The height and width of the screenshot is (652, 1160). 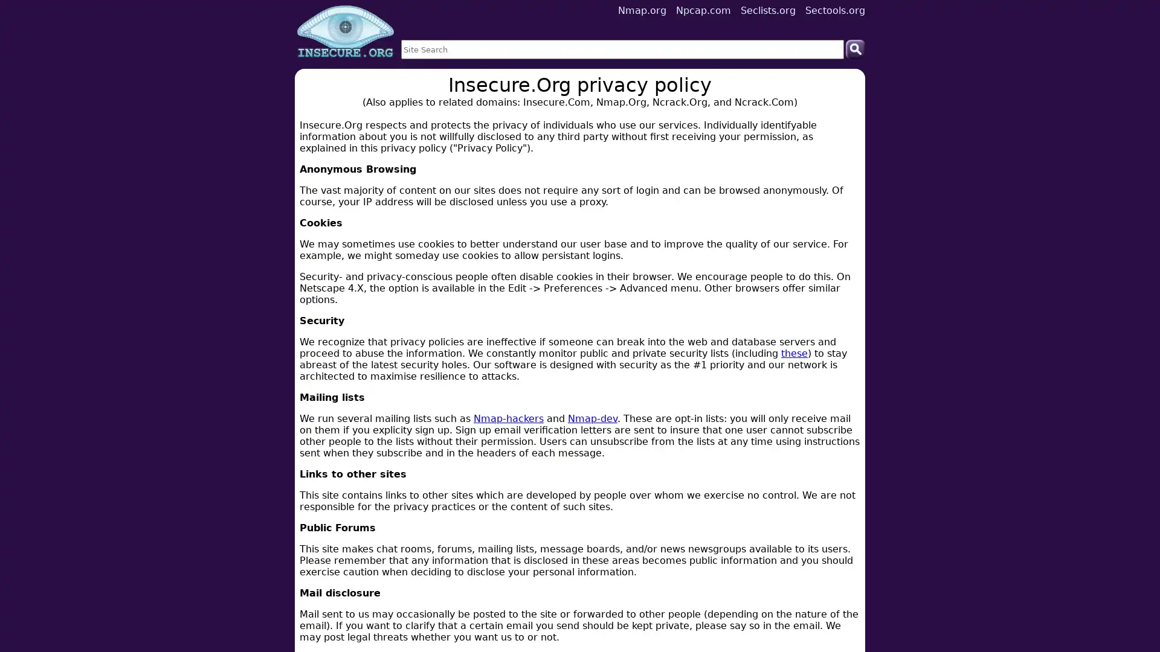 I want to click on Search, so click(x=855, y=48).